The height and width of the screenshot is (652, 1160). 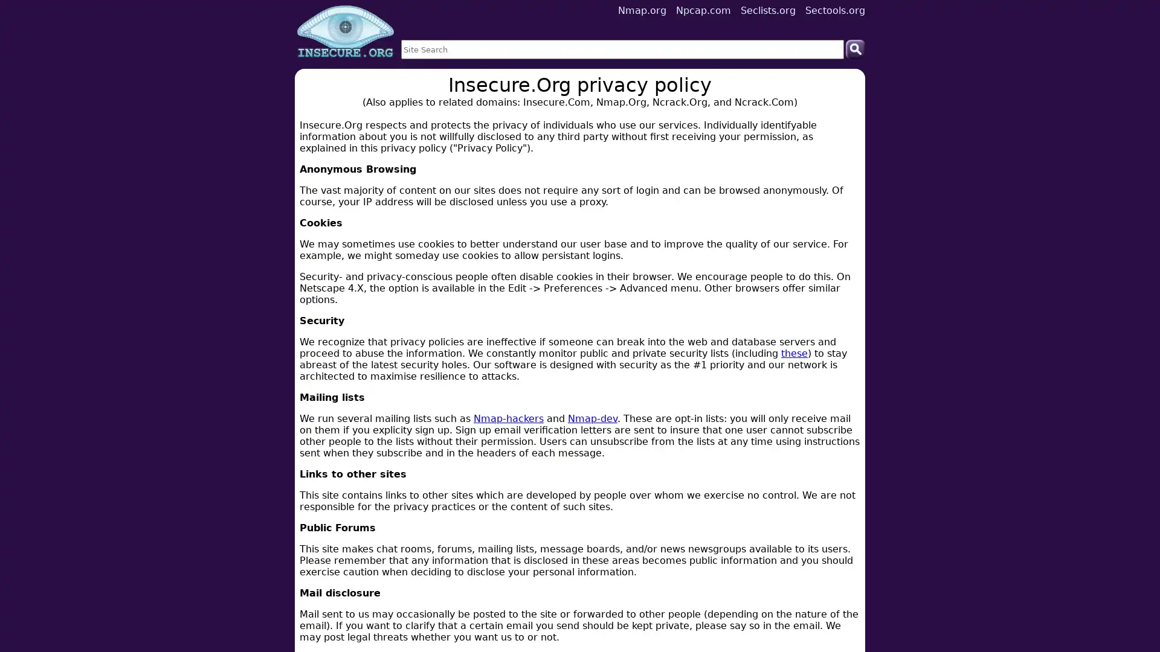 I want to click on Search, so click(x=855, y=48).